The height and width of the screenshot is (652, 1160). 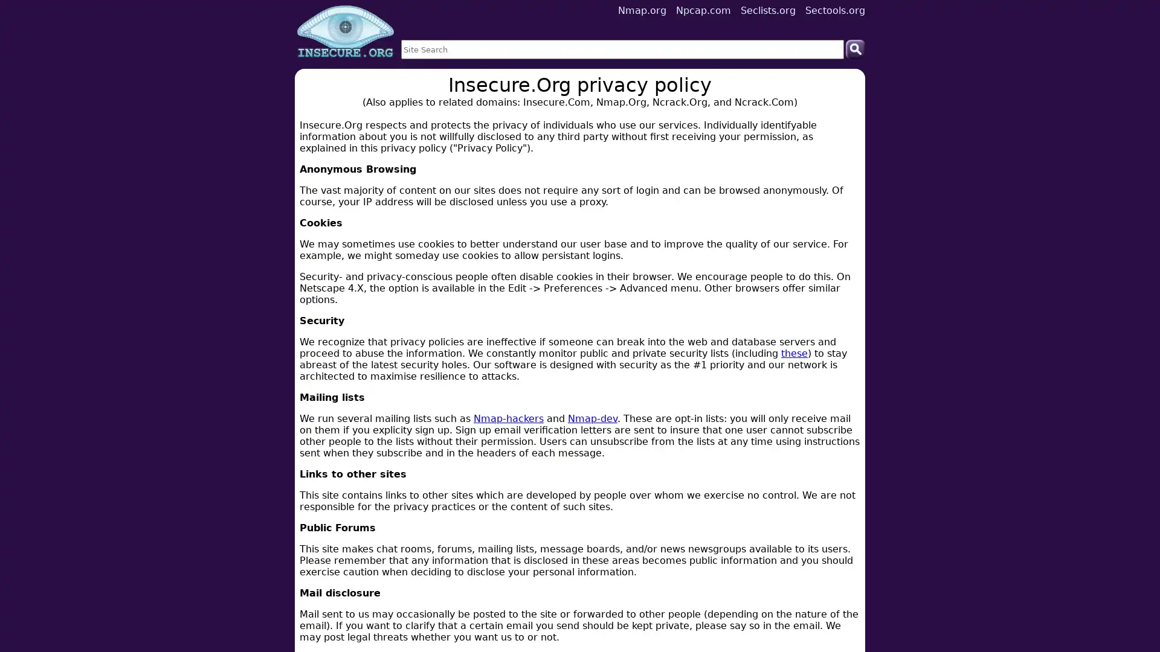 I want to click on Search, so click(x=855, y=48).